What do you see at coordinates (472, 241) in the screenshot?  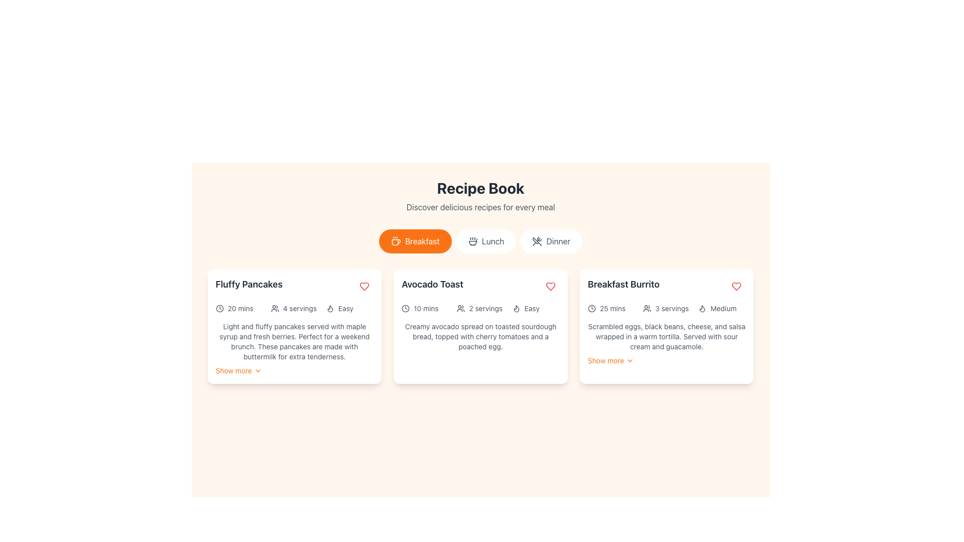 I see `the 'Lunch' icon located in the center left of the 'Lunch' button in the navigation options under the title 'Recipe Book'` at bounding box center [472, 241].